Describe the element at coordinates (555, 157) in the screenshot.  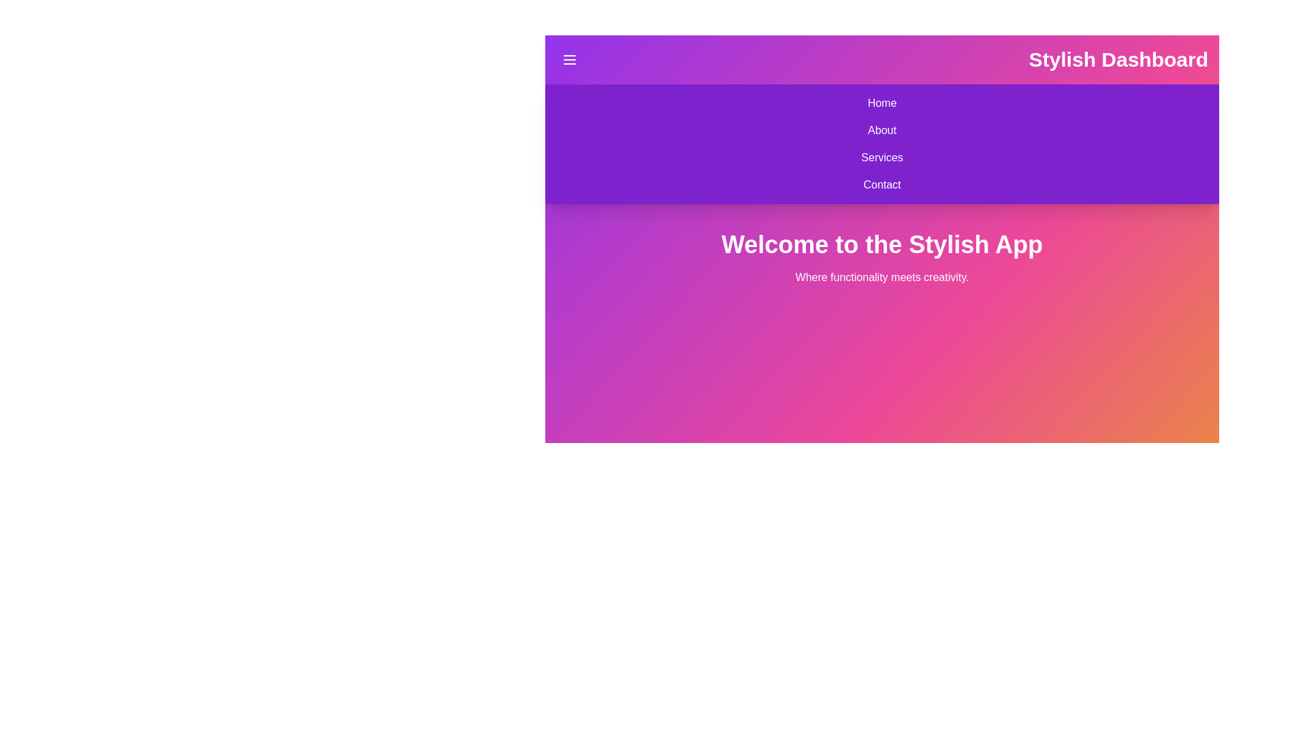
I see `the Services from the navigation menu` at that location.